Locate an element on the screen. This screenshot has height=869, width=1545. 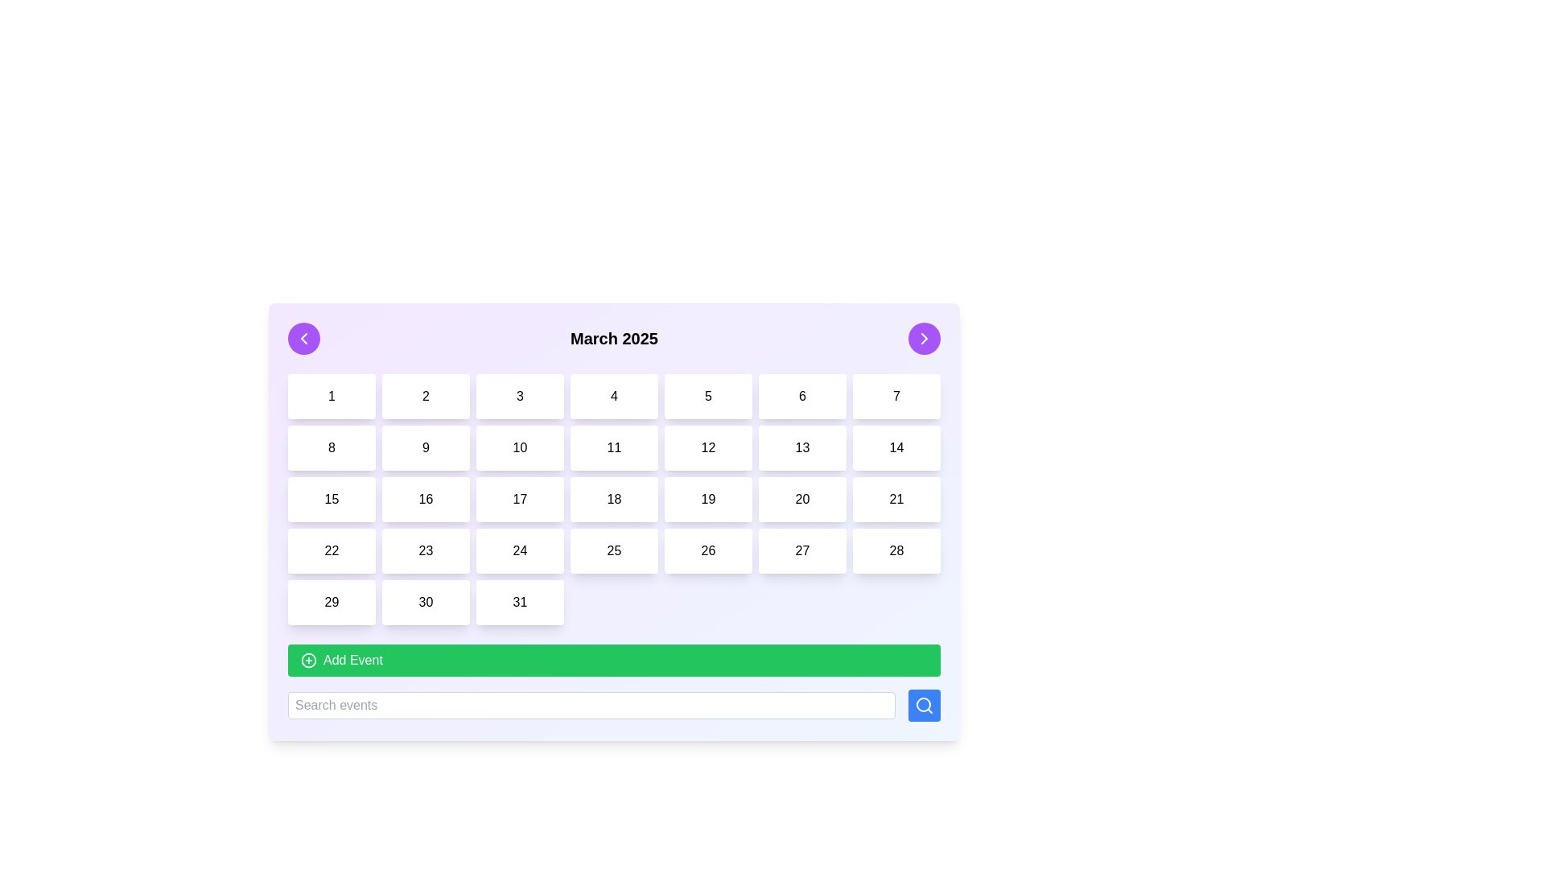
the static visual representation of the 6th day of the calendar month in the first row of a 7-column grid layout is located at coordinates (802, 397).